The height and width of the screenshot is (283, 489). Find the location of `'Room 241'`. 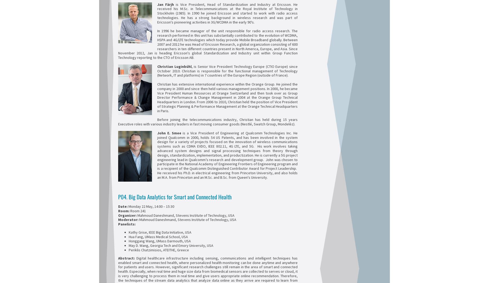

'Room 241' is located at coordinates (138, 210).